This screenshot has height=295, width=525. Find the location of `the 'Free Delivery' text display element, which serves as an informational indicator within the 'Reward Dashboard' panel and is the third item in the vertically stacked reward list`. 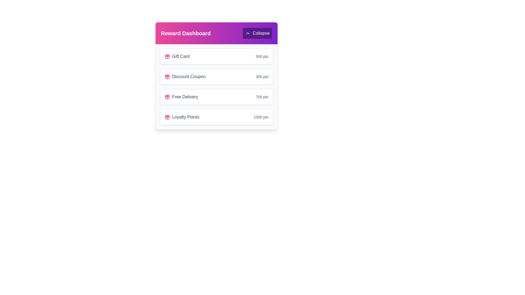

the 'Free Delivery' text display element, which serves as an informational indicator within the 'Reward Dashboard' panel and is the third item in the vertically stacked reward list is located at coordinates (185, 96).